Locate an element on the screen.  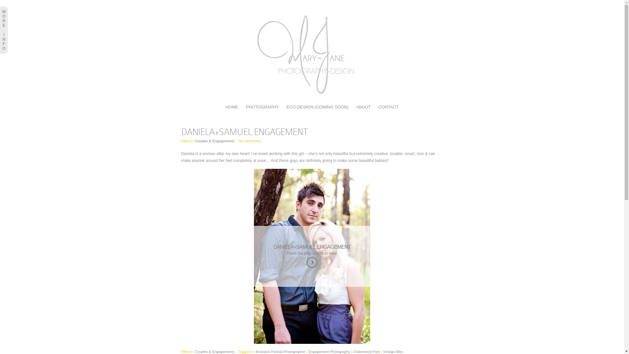
'ECO-DESIGN (COMING SOON)' is located at coordinates (317, 107).